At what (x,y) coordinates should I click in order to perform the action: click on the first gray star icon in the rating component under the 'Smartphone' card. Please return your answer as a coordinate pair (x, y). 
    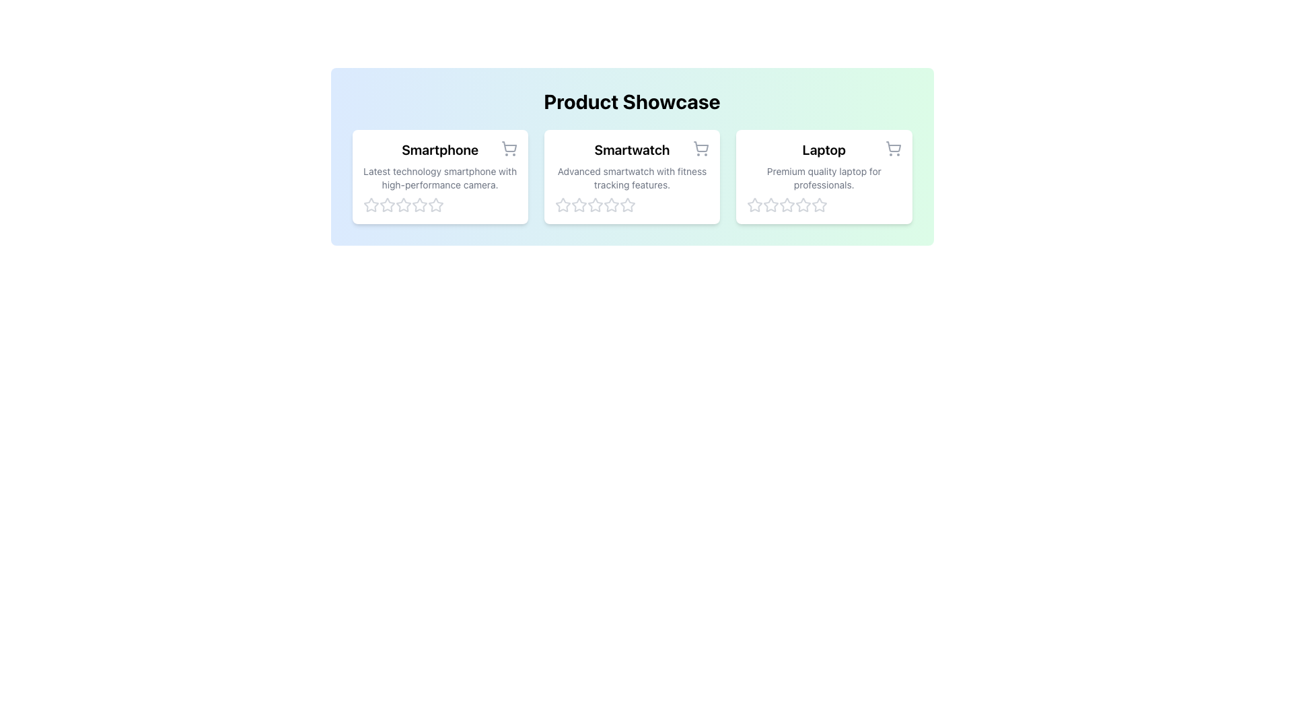
    Looking at the image, I should click on (371, 205).